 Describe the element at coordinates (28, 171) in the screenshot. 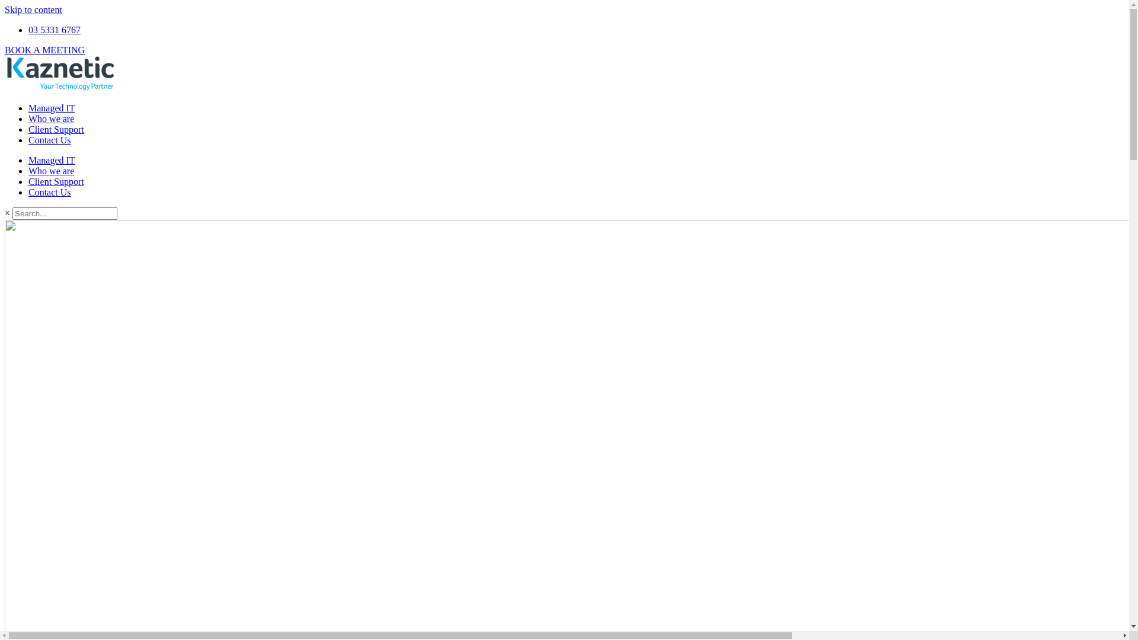

I see `'Who we are'` at that location.